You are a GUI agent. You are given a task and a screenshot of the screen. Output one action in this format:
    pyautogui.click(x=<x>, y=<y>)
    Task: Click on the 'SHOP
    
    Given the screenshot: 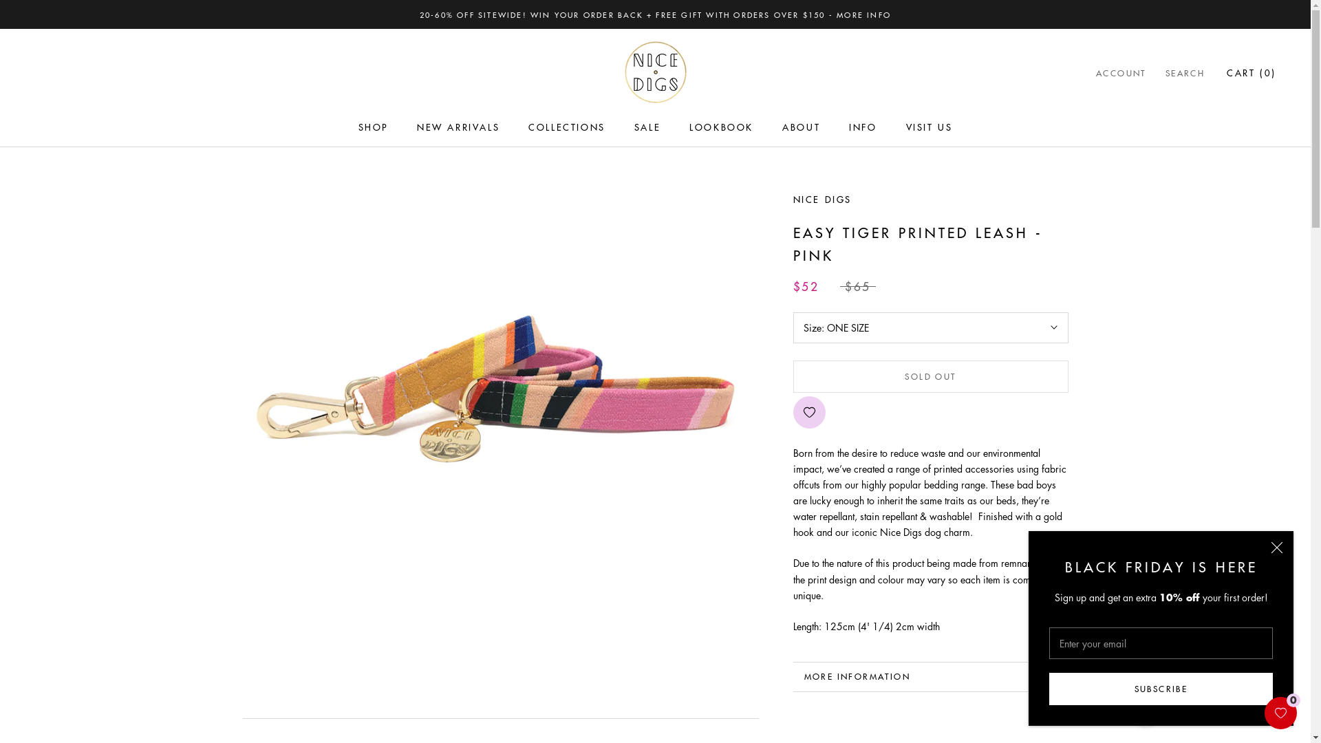 What is the action you would take?
    pyautogui.click(x=358, y=127)
    